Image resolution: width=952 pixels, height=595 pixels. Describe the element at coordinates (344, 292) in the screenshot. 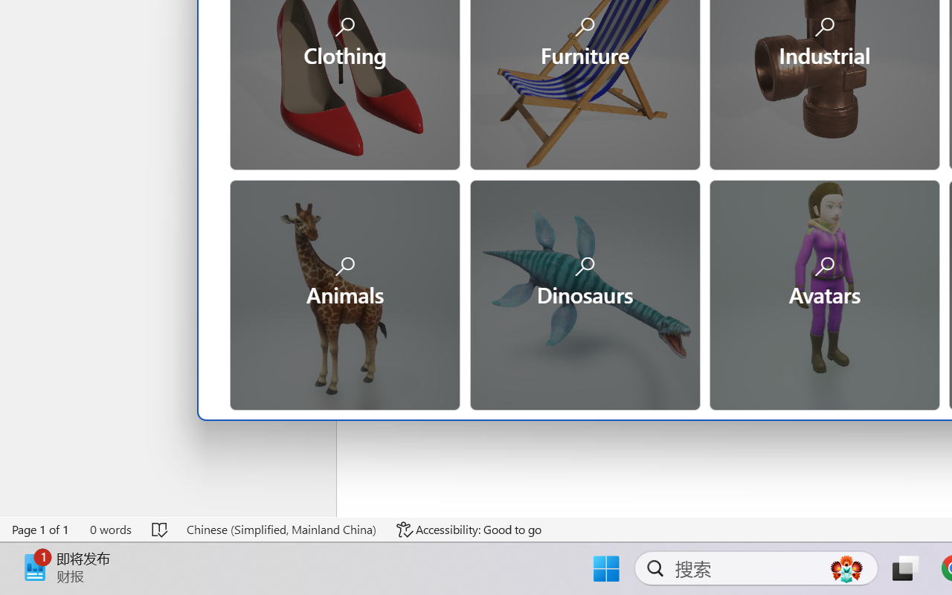

I see `'Animals'` at that location.